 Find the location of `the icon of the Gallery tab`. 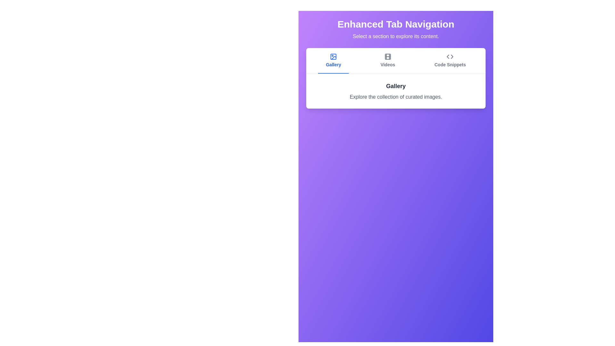

the icon of the Gallery tab is located at coordinates (333, 56).